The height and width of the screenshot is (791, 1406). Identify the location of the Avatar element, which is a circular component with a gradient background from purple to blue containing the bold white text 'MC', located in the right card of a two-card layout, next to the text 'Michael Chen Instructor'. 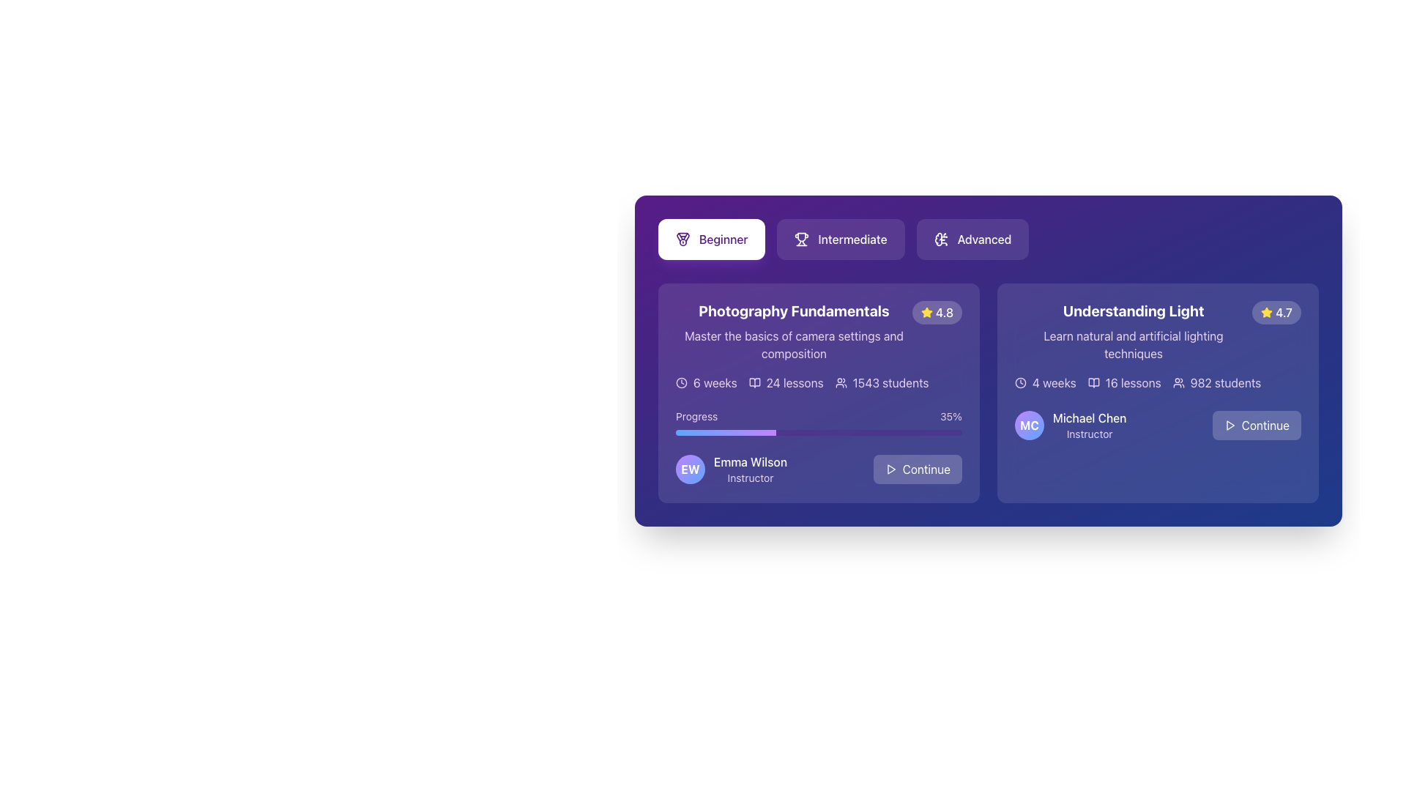
(1029, 426).